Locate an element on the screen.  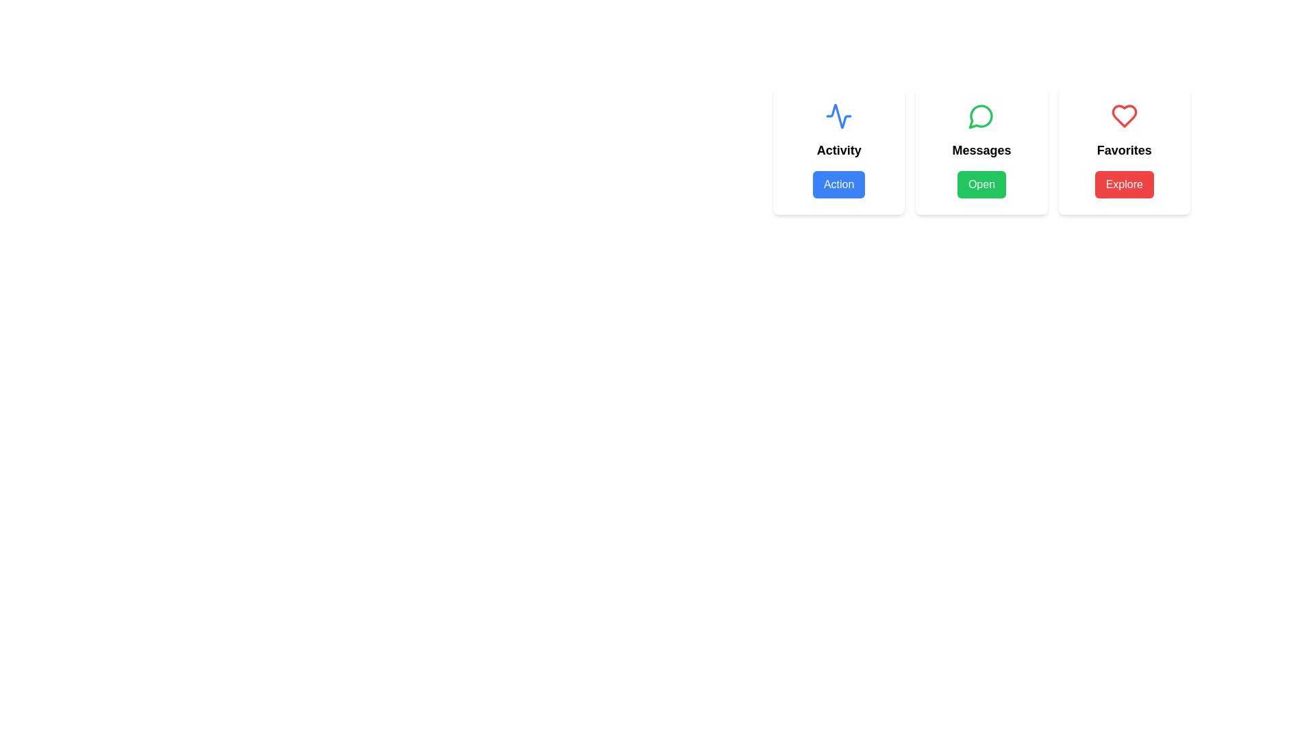
the blue wave icon located at the top-center of the 'Activity' card for guidance is located at coordinates (838, 115).